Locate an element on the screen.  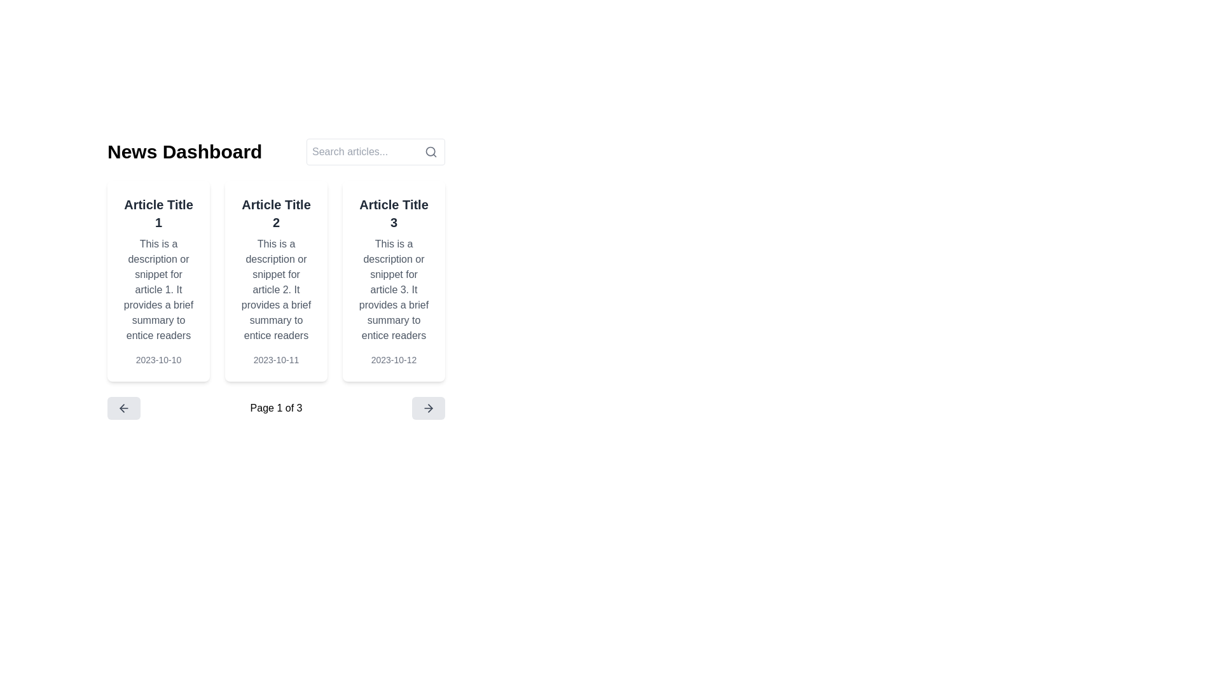
date displayed in the small, gray text label '2023-10-11' located below the summary text of 'Article Title 2' in the dashboard layout is located at coordinates (275, 360).